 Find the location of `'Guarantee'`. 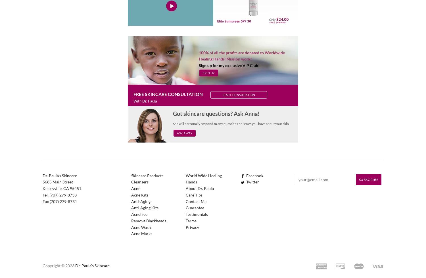

'Guarantee' is located at coordinates (195, 207).